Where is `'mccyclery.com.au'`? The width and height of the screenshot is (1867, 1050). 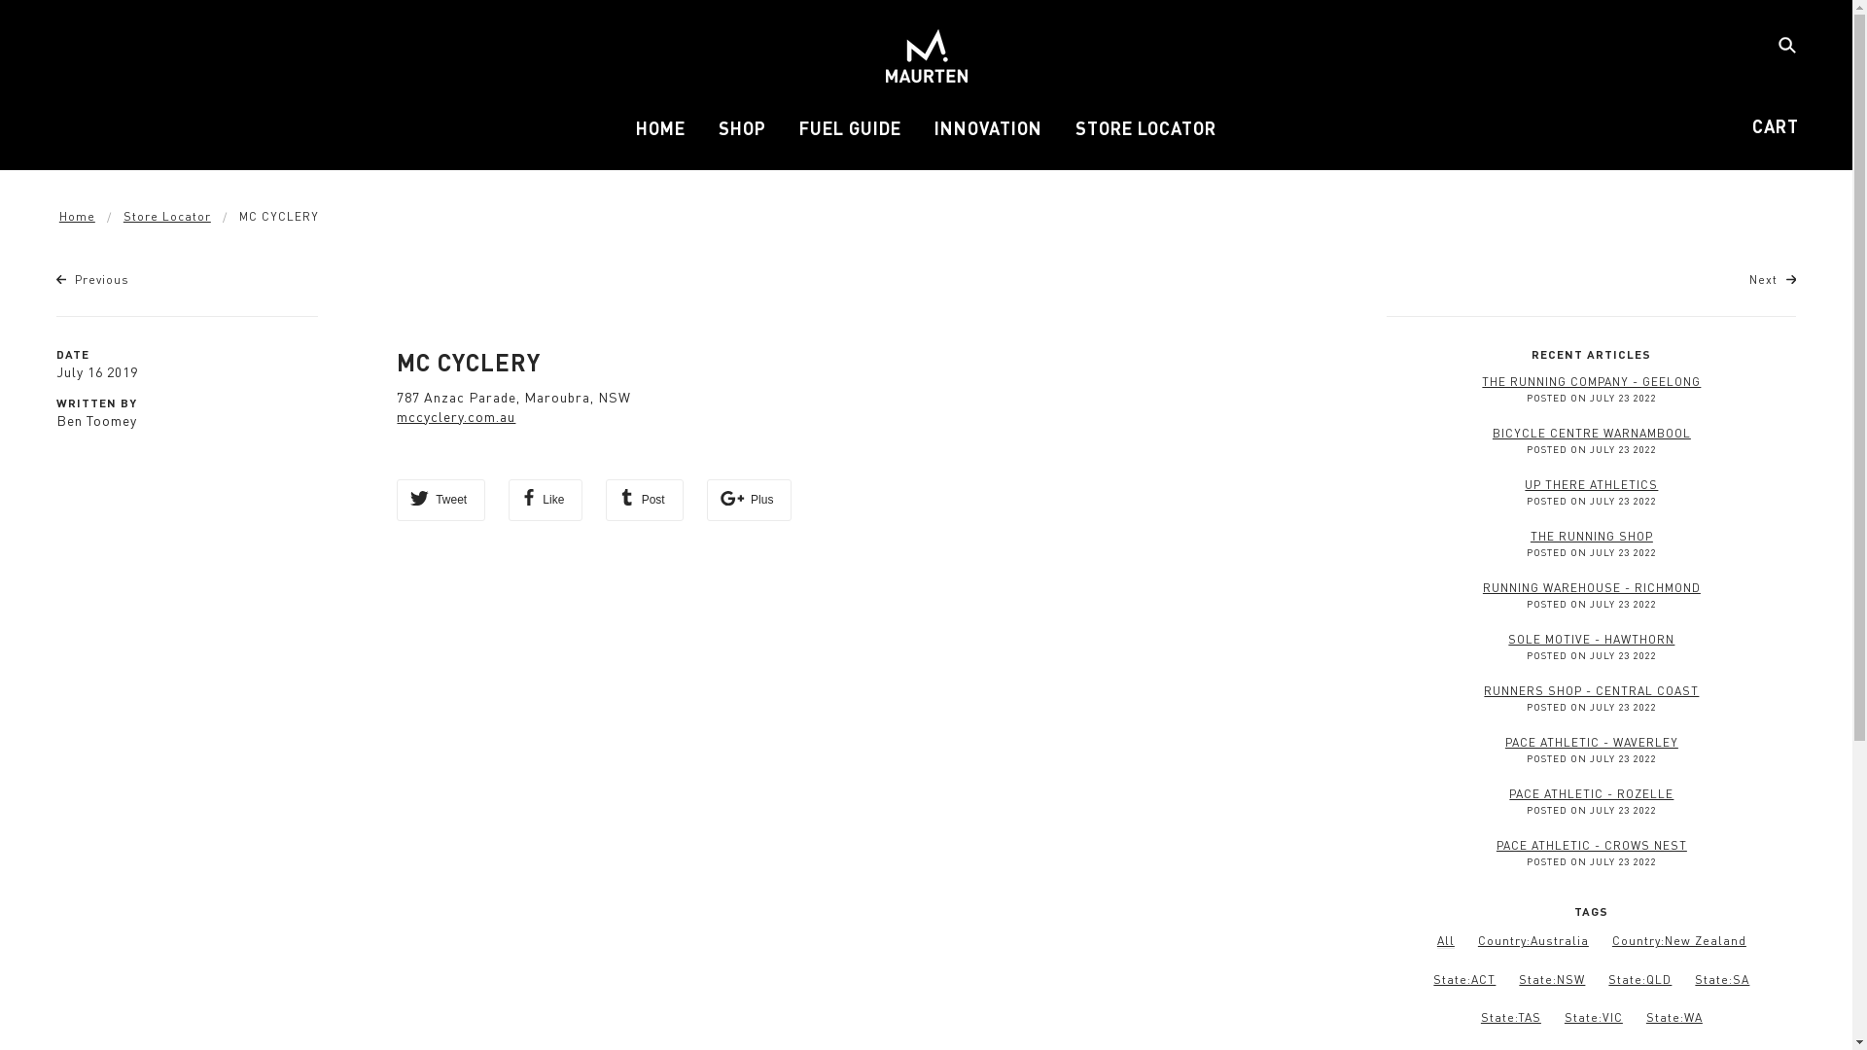 'mccyclery.com.au' is located at coordinates (455, 415).